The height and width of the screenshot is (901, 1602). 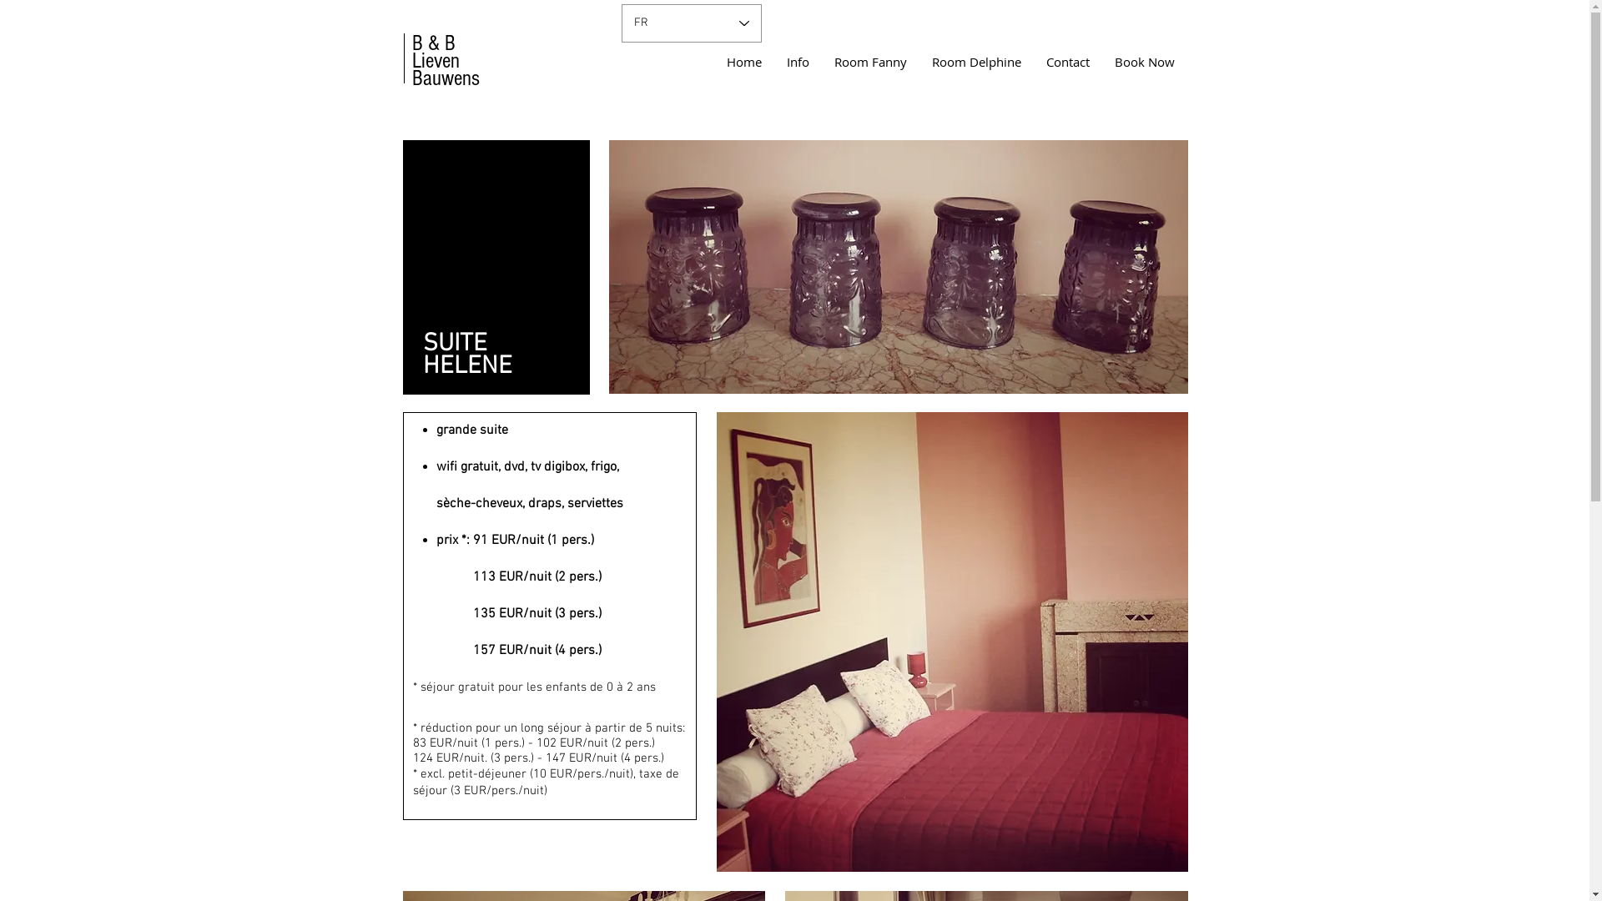 I want to click on 'Room Fanny', so click(x=869, y=60).